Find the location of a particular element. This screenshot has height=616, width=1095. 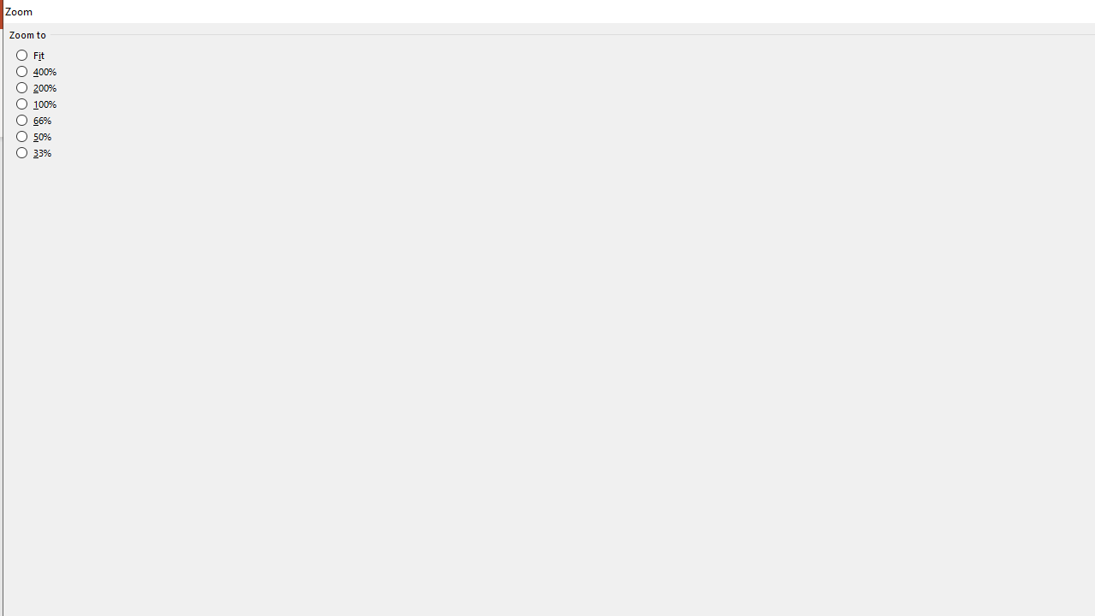

'Fit' is located at coordinates (31, 54).